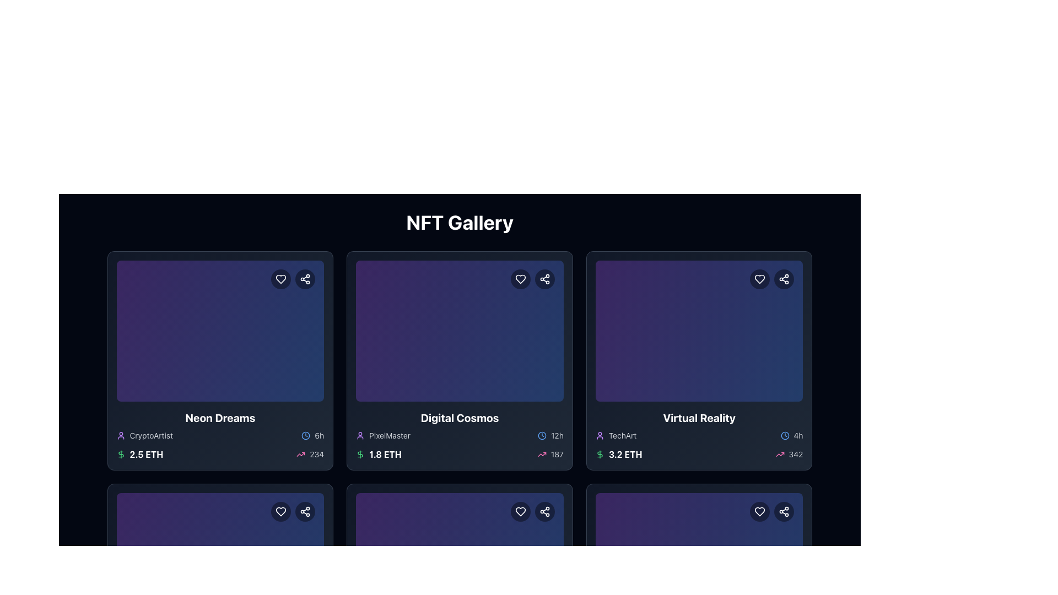  I want to click on the interactive button with a share icon located at the top-right region of the card, so click(784, 512).